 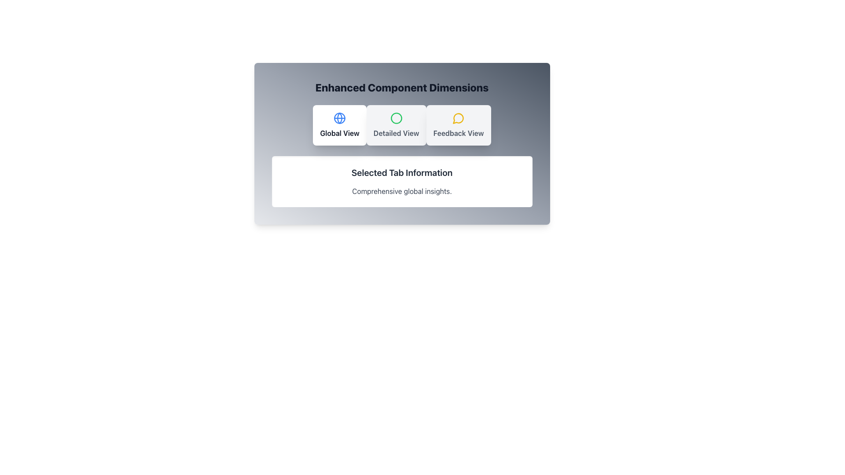 I want to click on the SVG circle representing the 'Detailed View' option, which is centrally located in the 'Detailed View' button under 'Enhanced Component Dimensions', so click(x=396, y=118).